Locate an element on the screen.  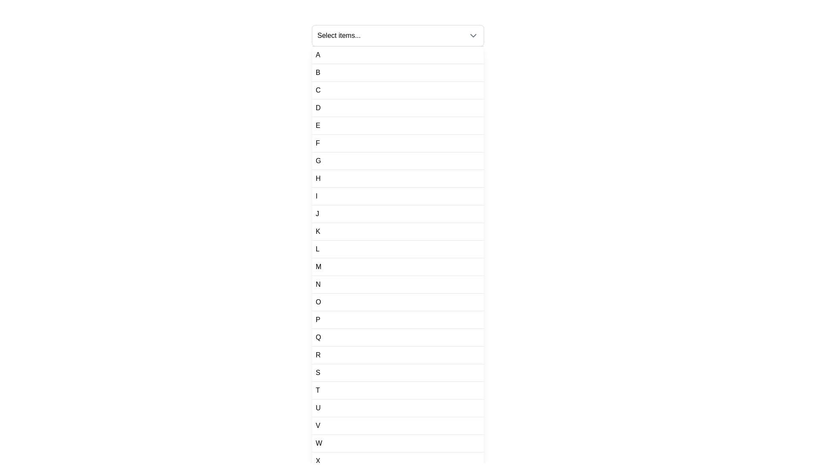
the 14th item is located at coordinates (398, 285).